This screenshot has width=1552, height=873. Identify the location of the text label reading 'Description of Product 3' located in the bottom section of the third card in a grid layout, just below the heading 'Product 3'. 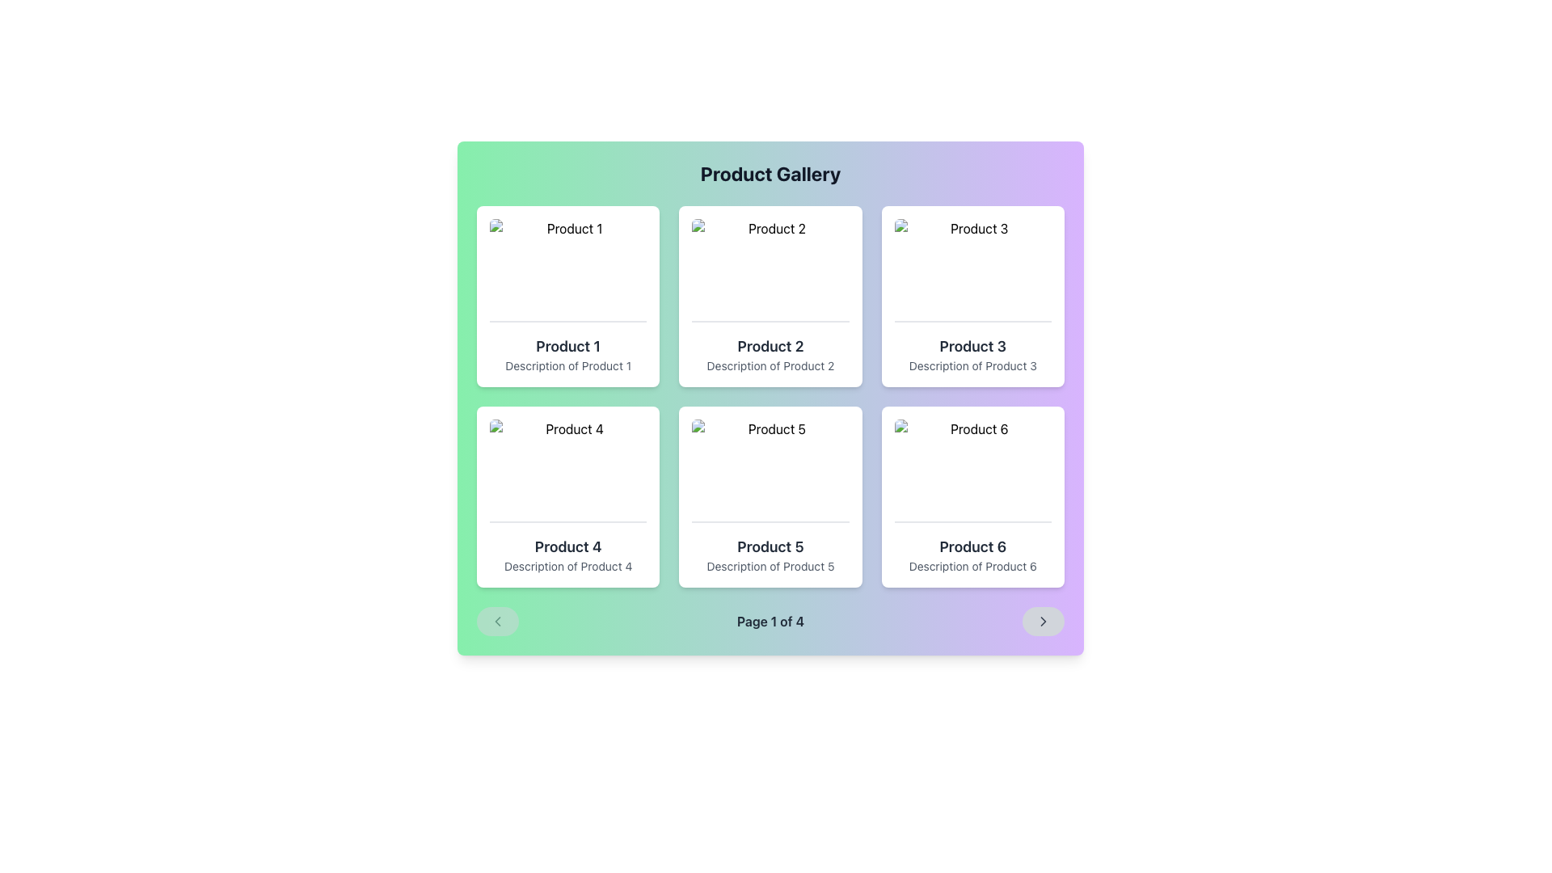
(972, 365).